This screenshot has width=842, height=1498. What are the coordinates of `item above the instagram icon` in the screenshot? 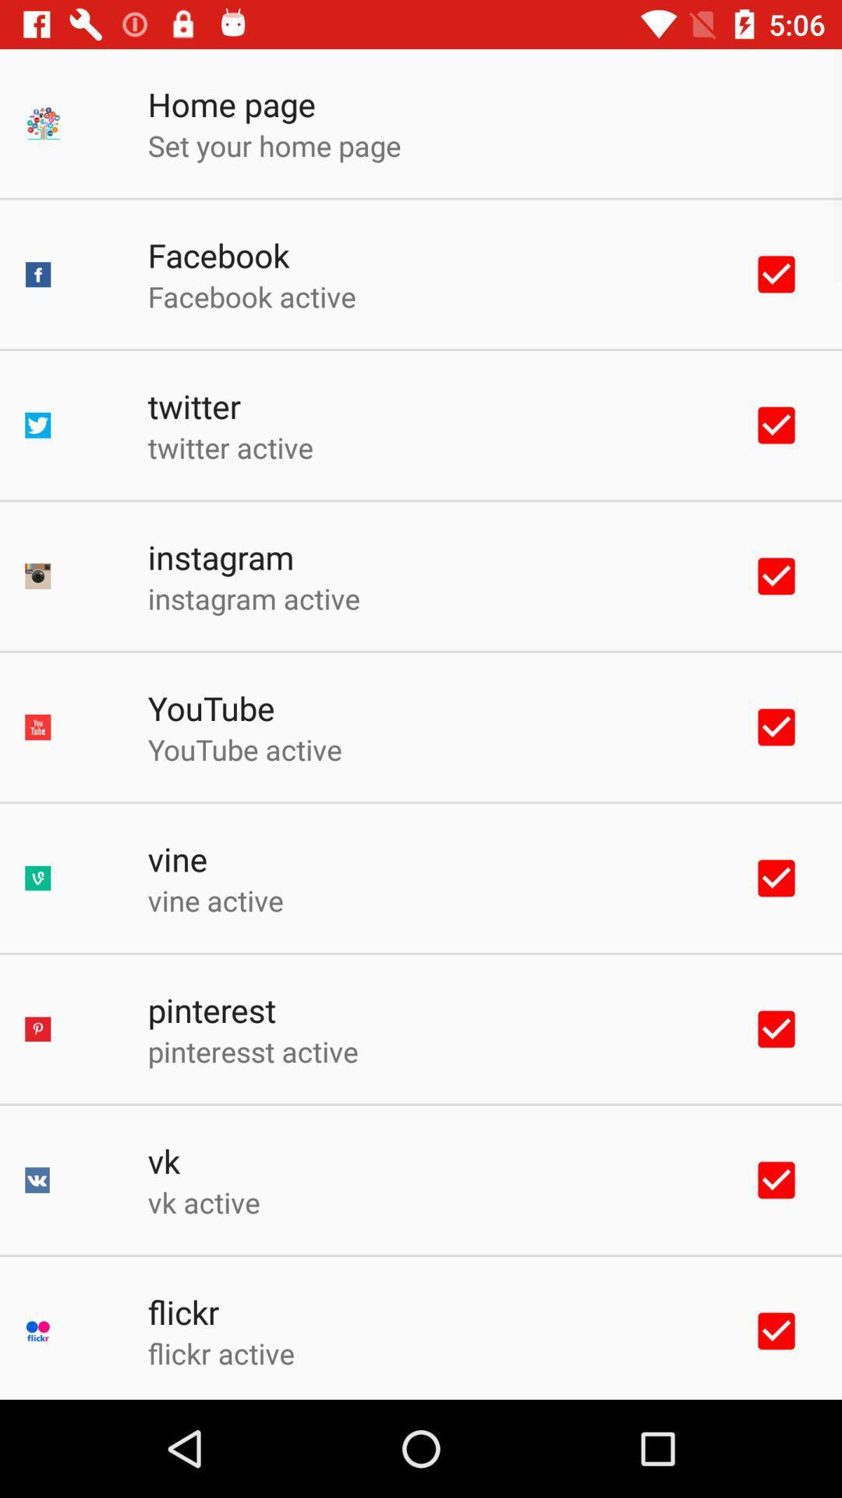 It's located at (230, 446).